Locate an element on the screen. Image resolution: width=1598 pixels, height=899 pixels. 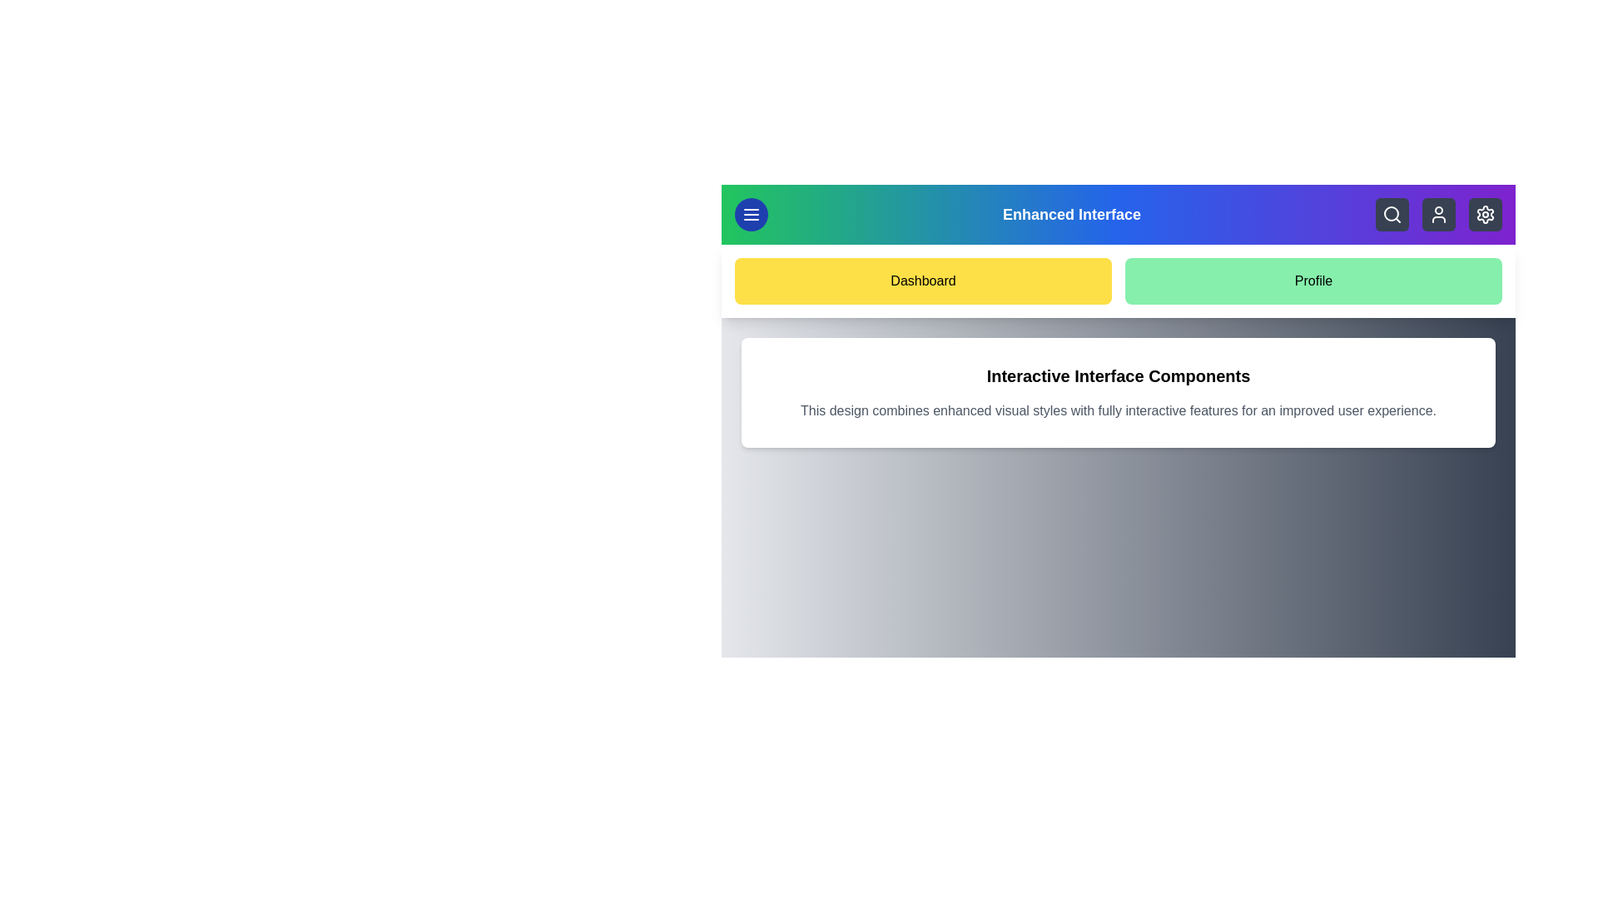
the settings icon to open the settings menu is located at coordinates (1486, 214).